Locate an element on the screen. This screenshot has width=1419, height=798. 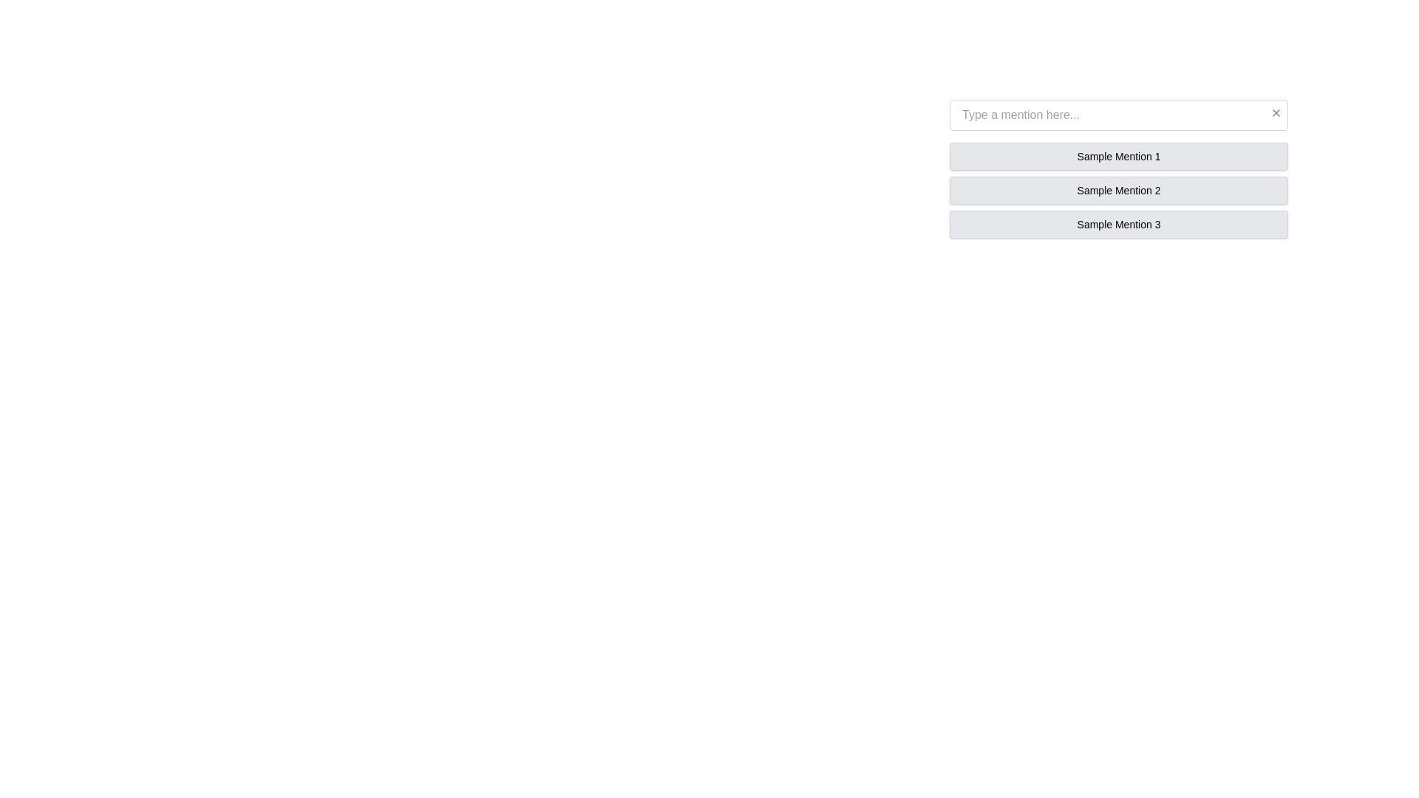
the second item in the list of text items, which has a gray background and rounded corners is located at coordinates (1118, 190).